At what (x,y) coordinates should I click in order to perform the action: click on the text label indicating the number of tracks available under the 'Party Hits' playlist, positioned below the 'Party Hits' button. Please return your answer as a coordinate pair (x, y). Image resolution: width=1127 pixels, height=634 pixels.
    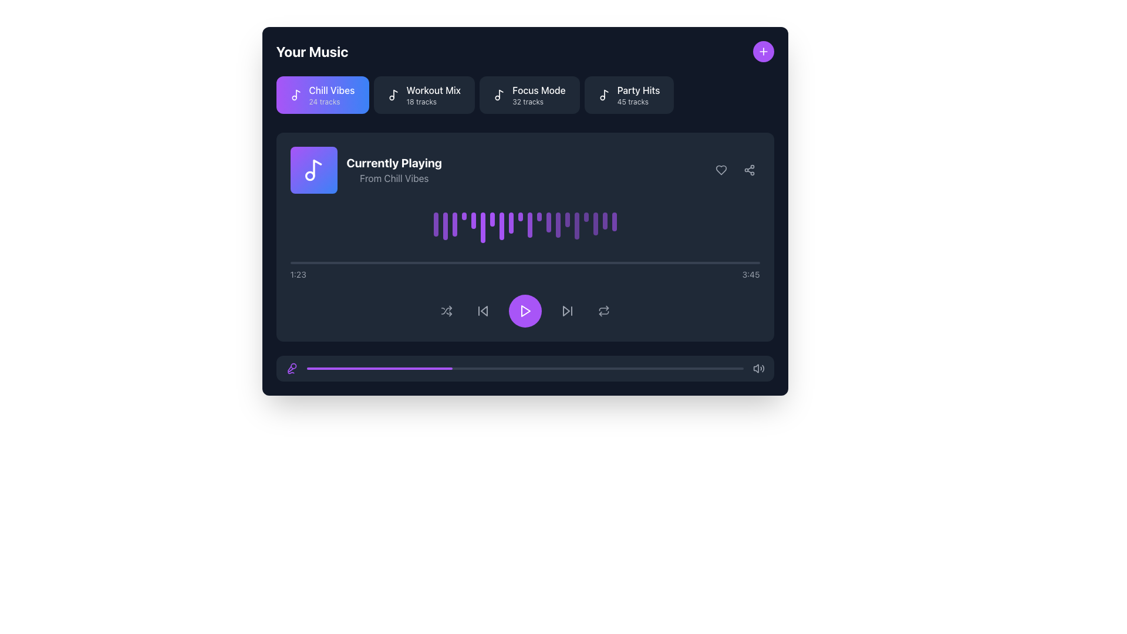
    Looking at the image, I should click on (632, 101).